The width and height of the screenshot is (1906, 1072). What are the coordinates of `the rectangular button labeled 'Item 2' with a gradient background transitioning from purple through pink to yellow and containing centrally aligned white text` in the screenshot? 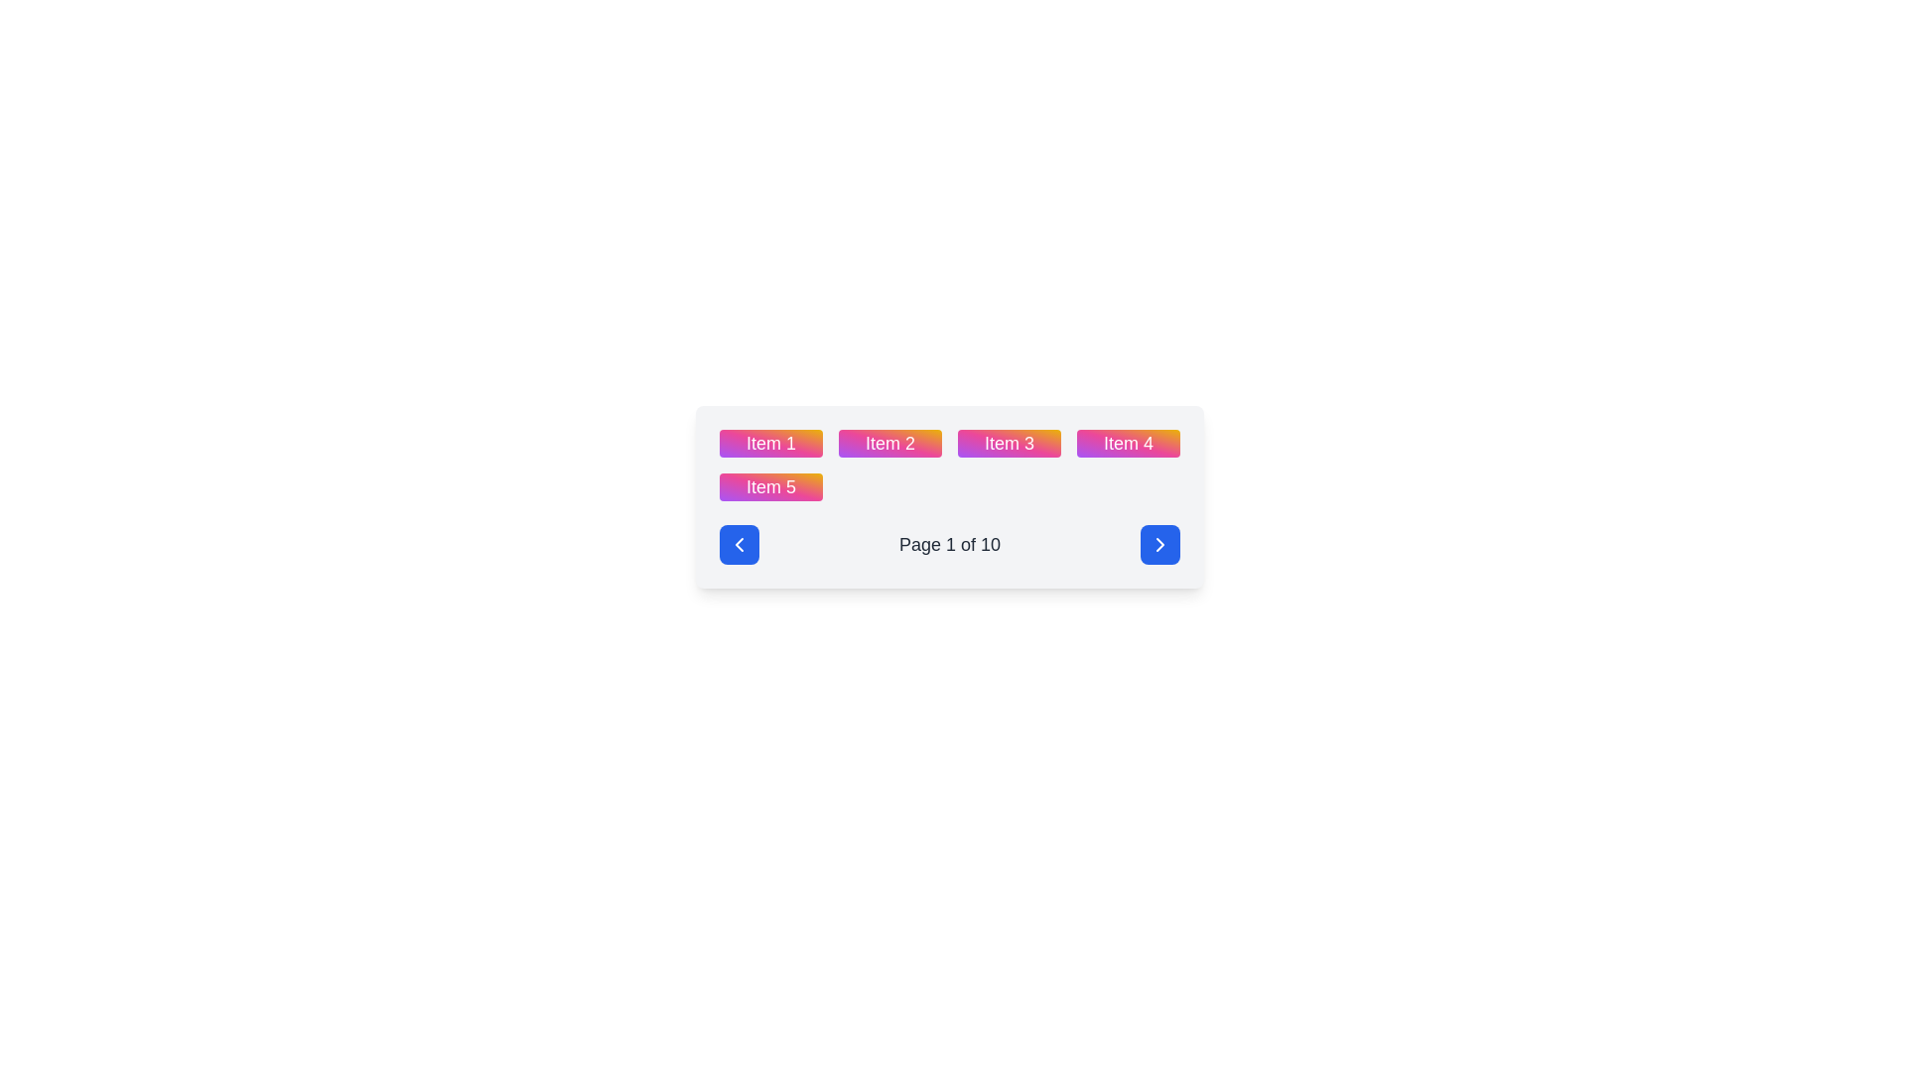 It's located at (889, 443).